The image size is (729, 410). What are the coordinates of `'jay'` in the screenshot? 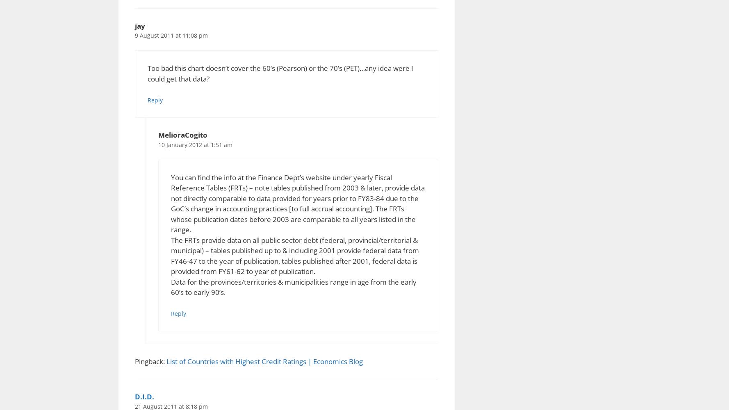 It's located at (139, 25).